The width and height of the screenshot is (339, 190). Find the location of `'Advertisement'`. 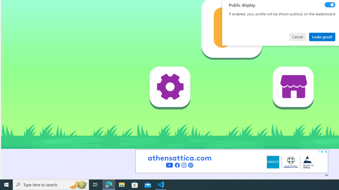

'Advertisement' is located at coordinates (231, 161).